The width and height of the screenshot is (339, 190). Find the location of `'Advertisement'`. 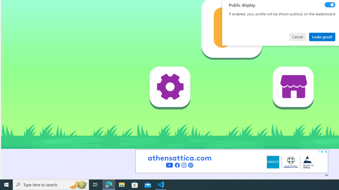

'Advertisement' is located at coordinates (231, 161).